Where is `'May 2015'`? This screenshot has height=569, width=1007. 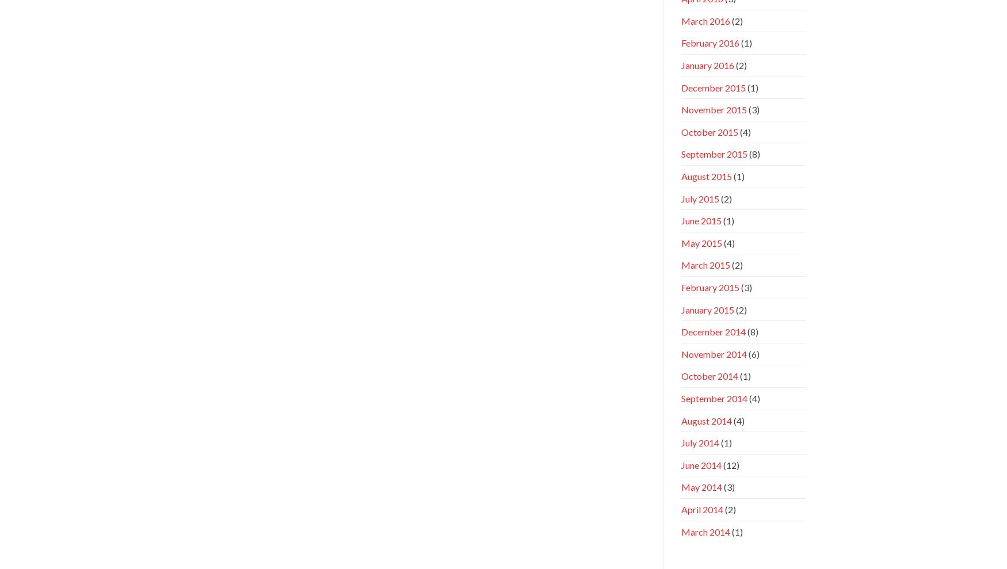 'May 2015' is located at coordinates (701, 242).